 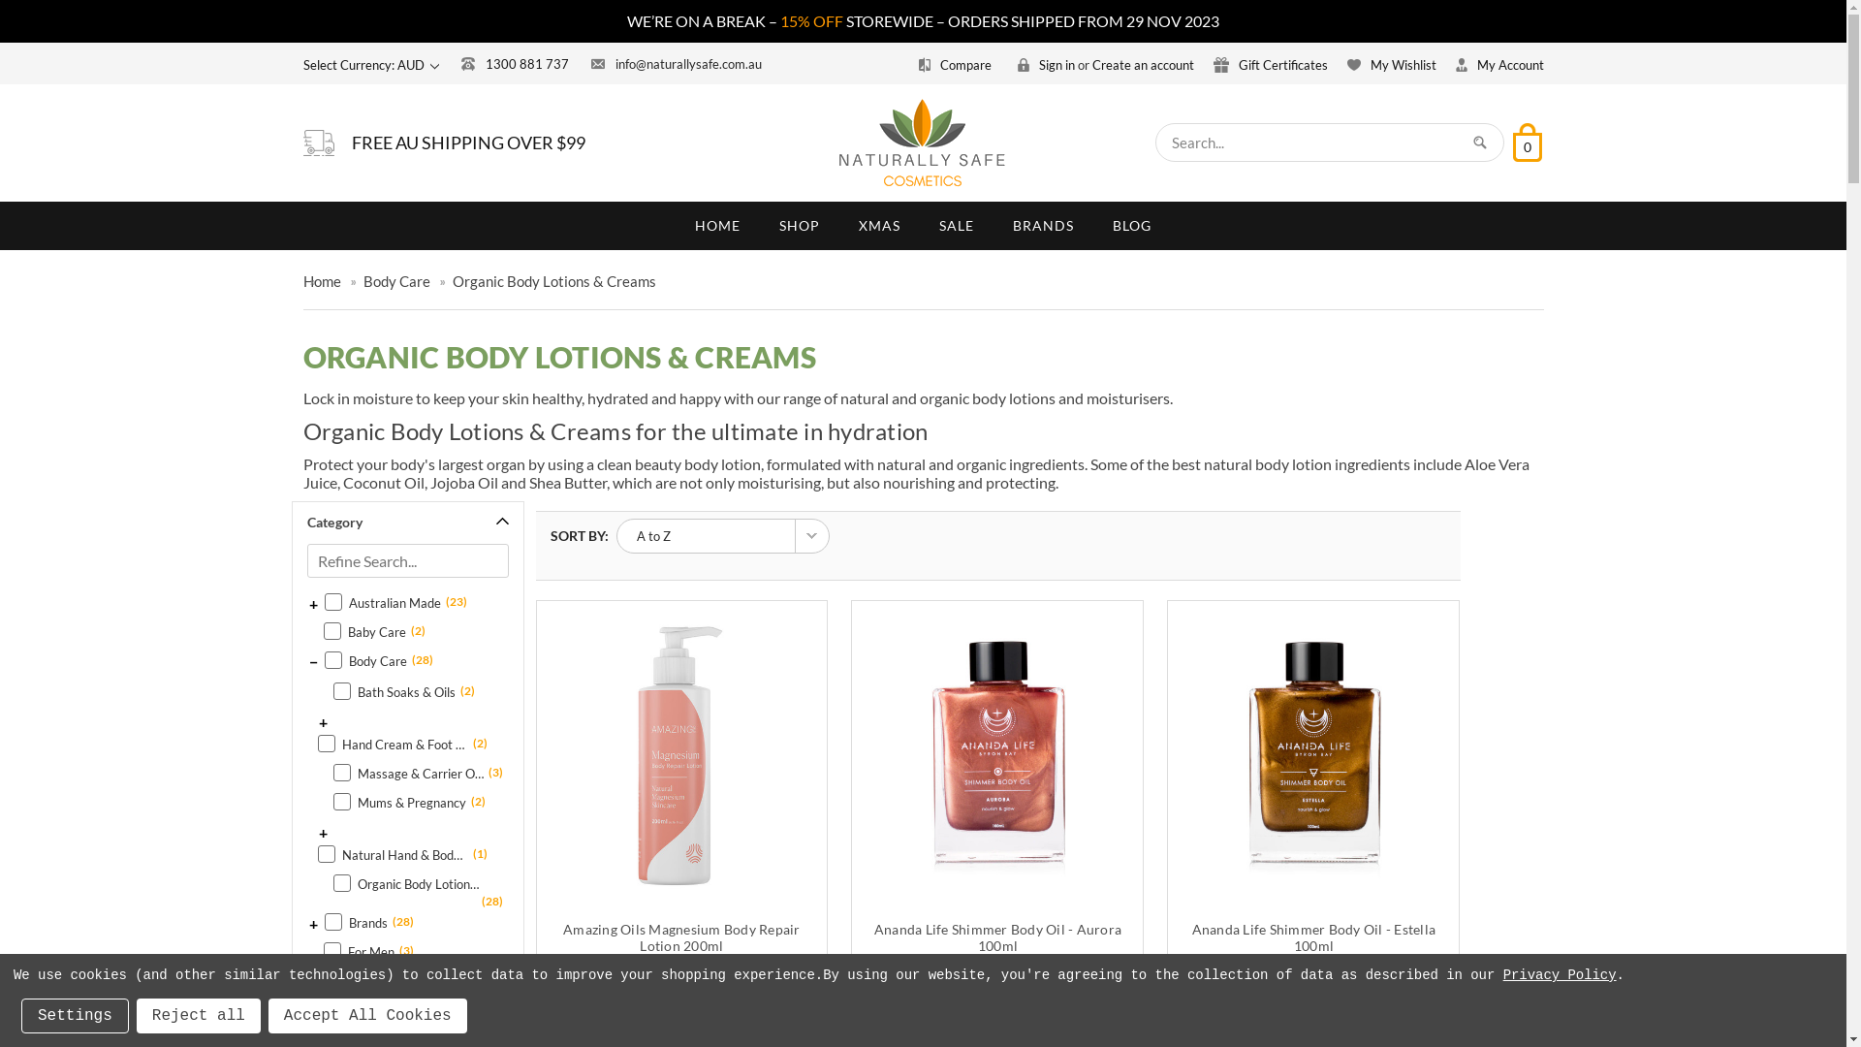 I want to click on 'Privacy Policy', so click(x=1560, y=975).